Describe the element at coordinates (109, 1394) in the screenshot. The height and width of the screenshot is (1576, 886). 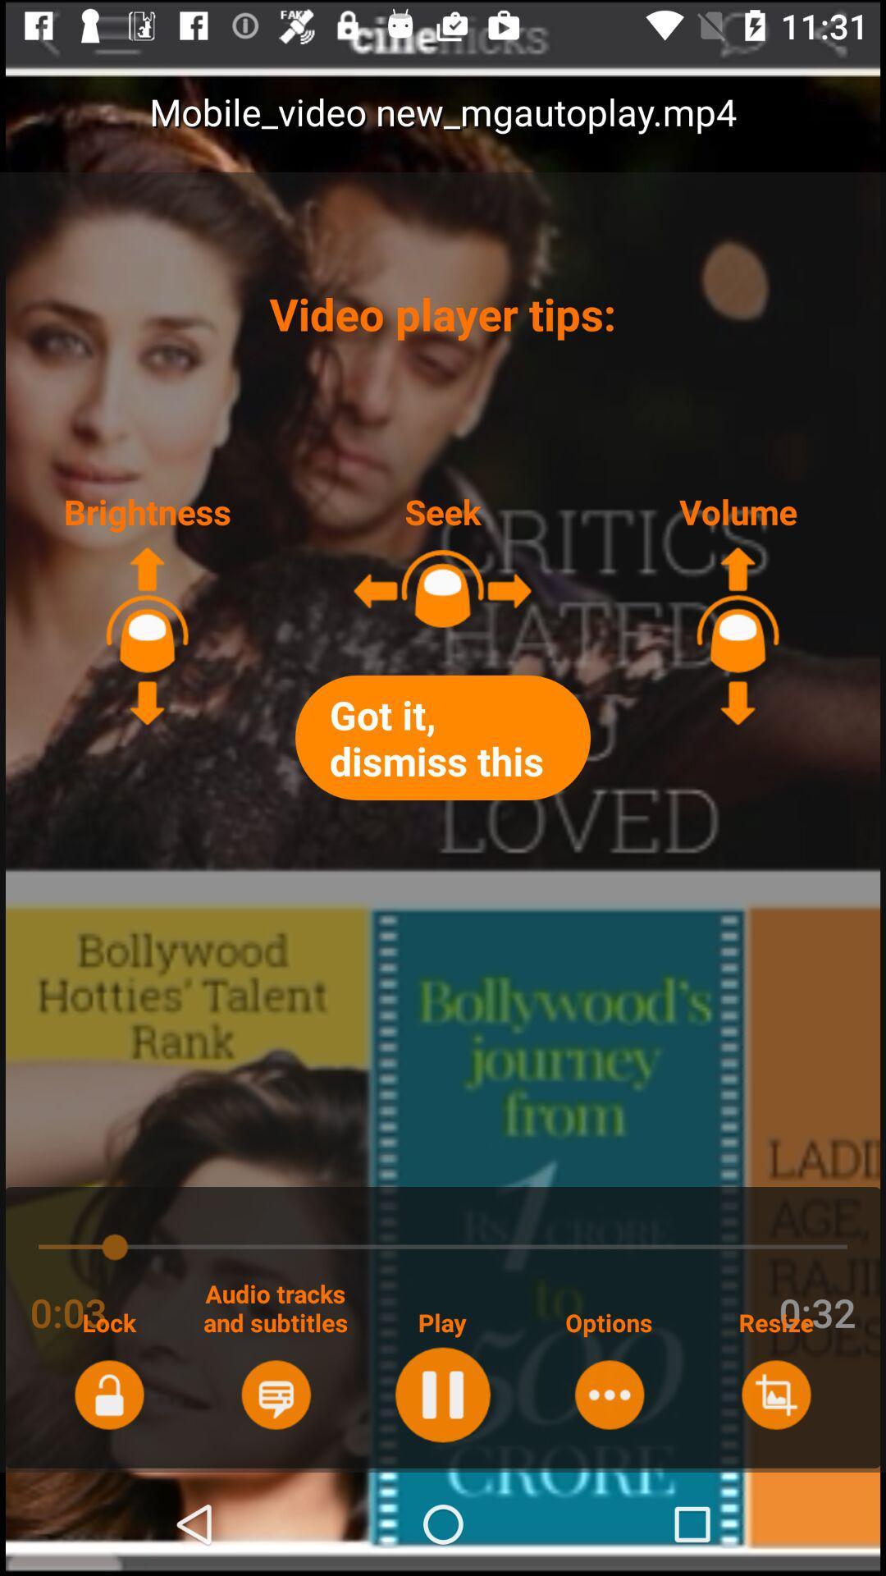
I see `the lock icon` at that location.